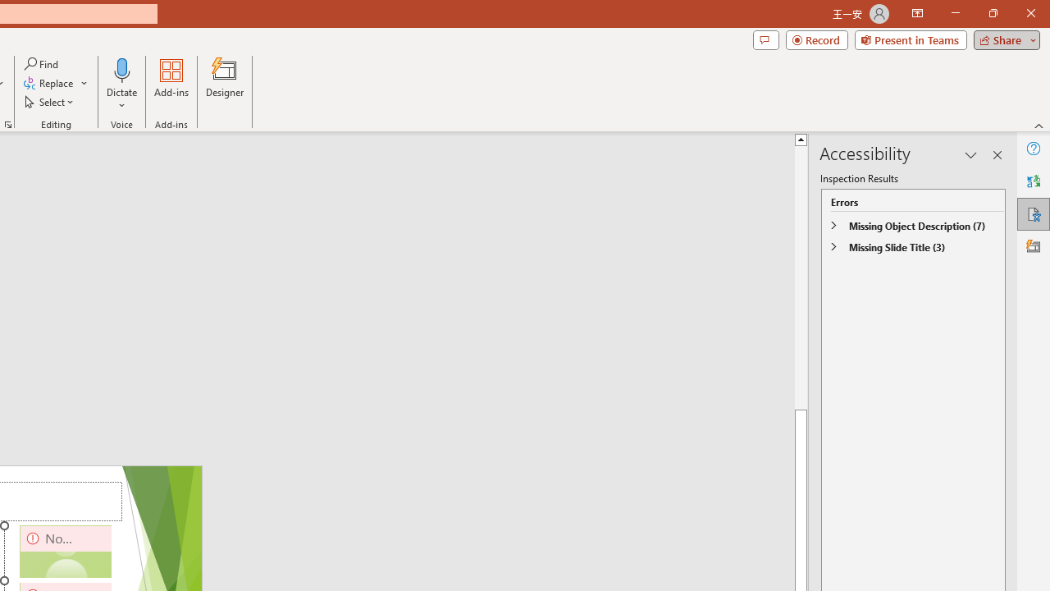 This screenshot has height=591, width=1050. Describe the element at coordinates (66, 552) in the screenshot. I see `'Camera 5, No camera detected.'` at that location.